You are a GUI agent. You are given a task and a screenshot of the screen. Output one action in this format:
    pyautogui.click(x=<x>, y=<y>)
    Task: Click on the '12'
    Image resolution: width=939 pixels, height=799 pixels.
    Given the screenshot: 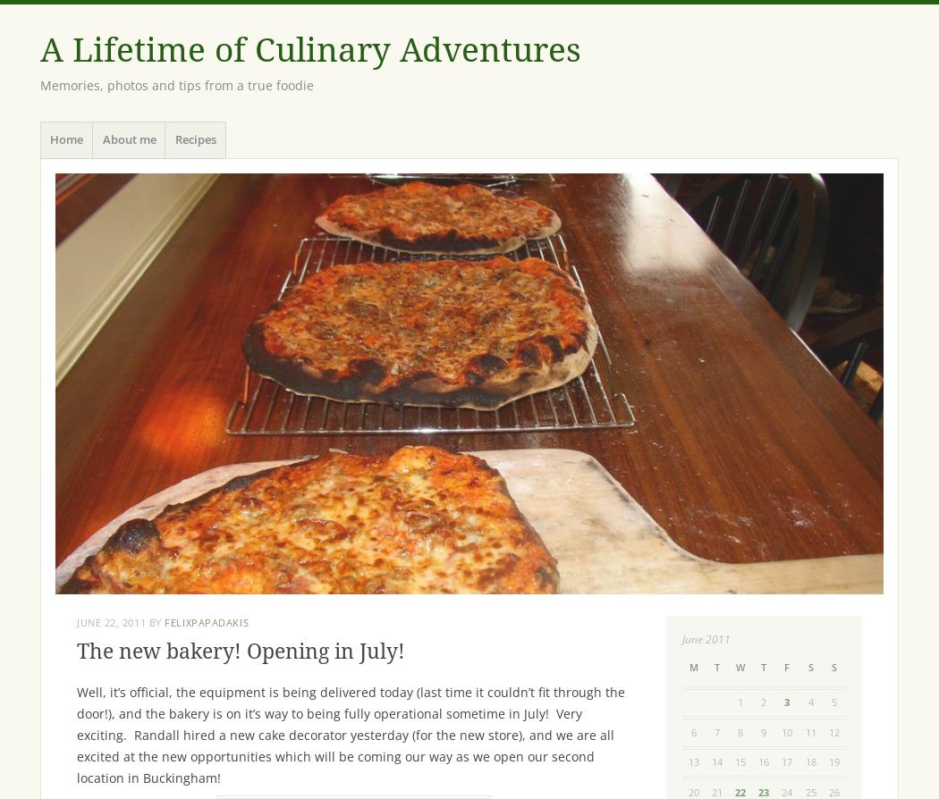 What is the action you would take?
    pyautogui.click(x=833, y=730)
    